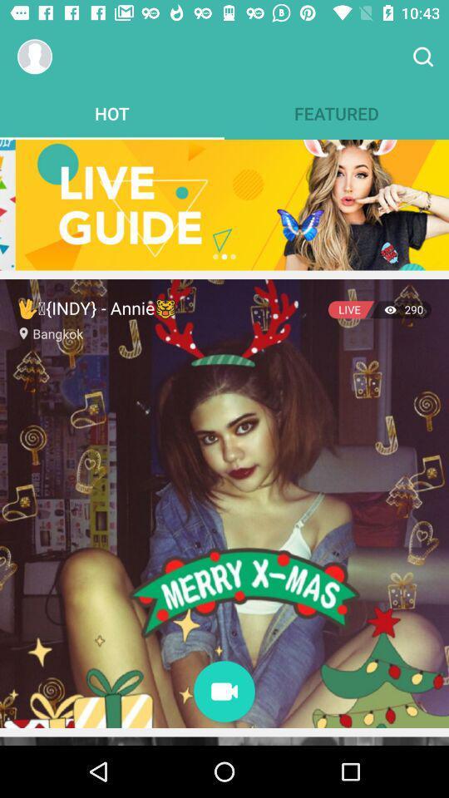 The image size is (449, 798). I want to click on profile, so click(35, 57).